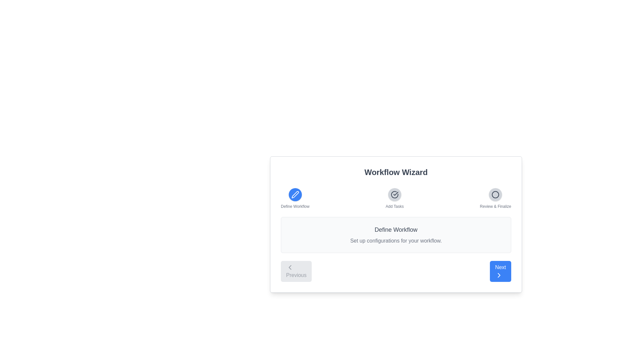 Image resolution: width=630 pixels, height=354 pixels. Describe the element at coordinates (395, 198) in the screenshot. I see `the second step indicator labeled 'Add Tasks' for additional details in the Workflow Wizard component` at that location.